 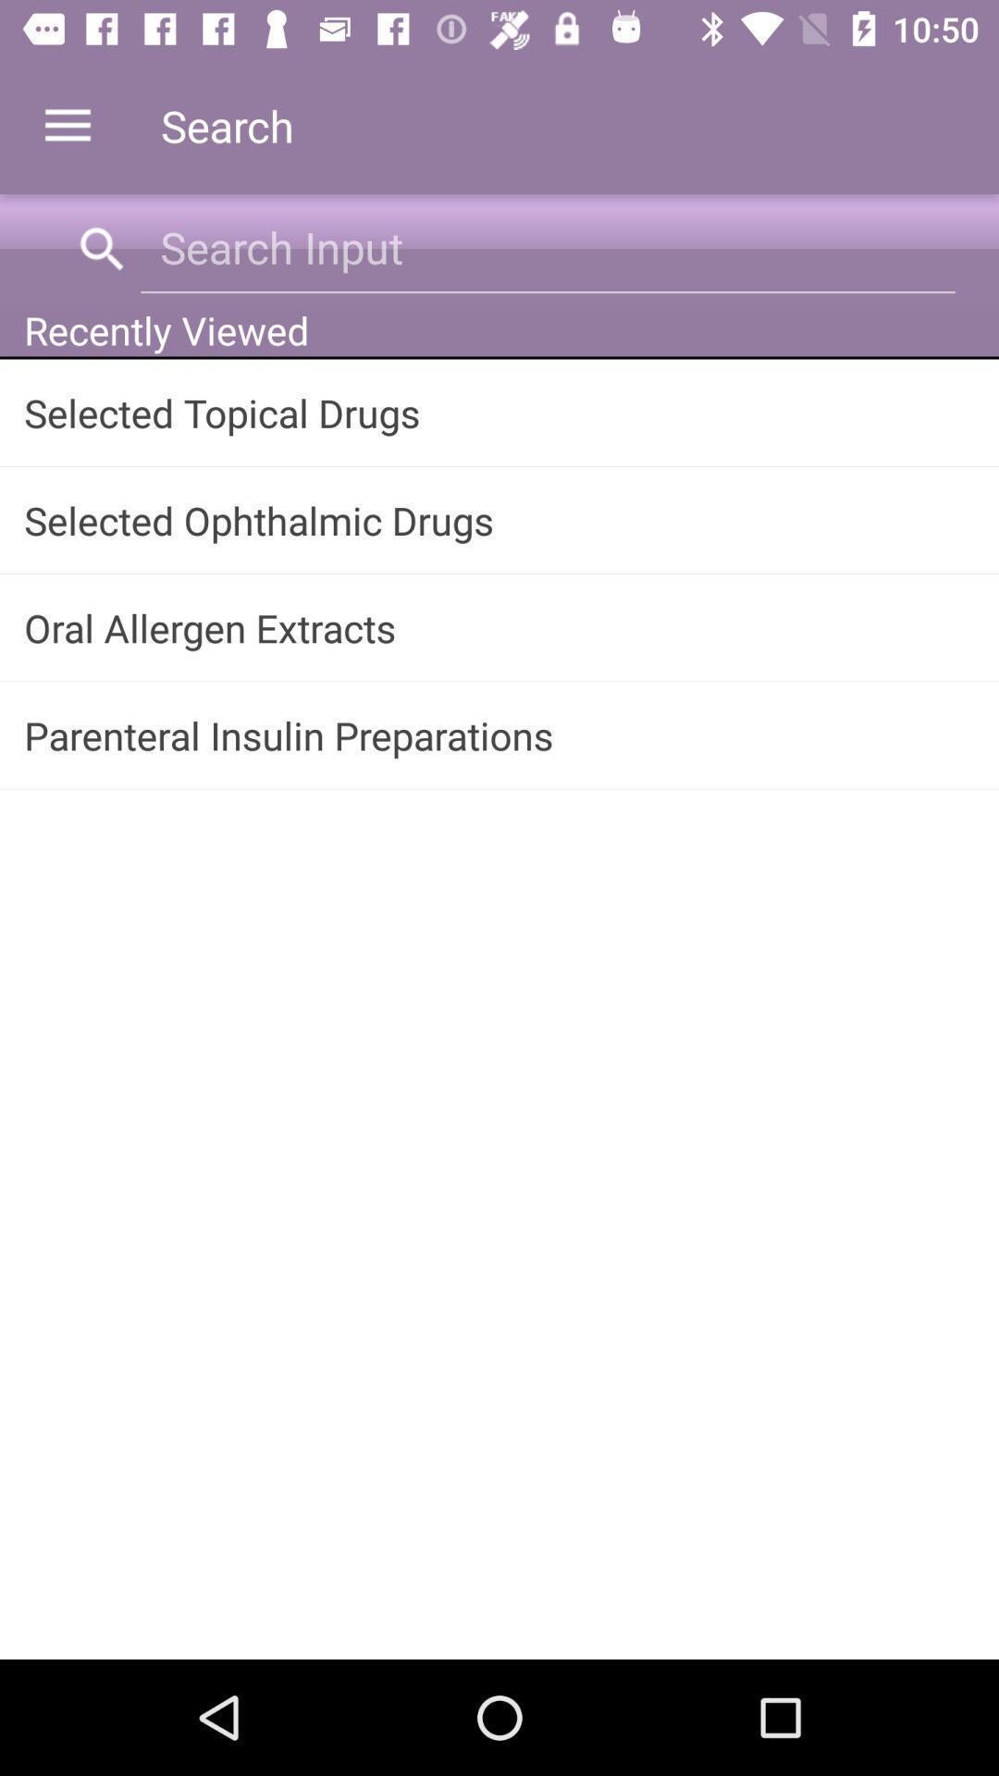 What do you see at coordinates (499, 627) in the screenshot?
I see `the oral allergen extracts` at bounding box center [499, 627].